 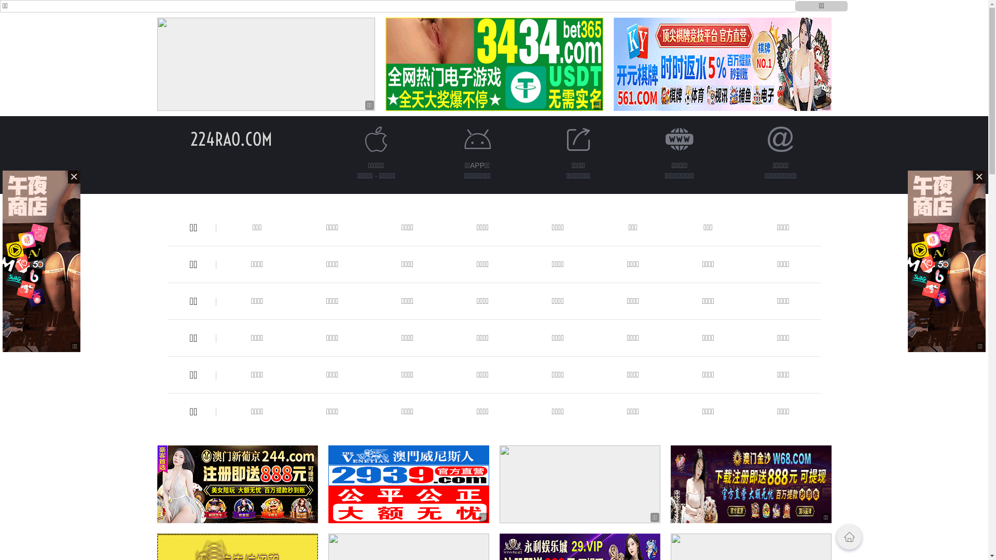 What do you see at coordinates (189, 138) in the screenshot?
I see `'224RAO.COM'` at bounding box center [189, 138].